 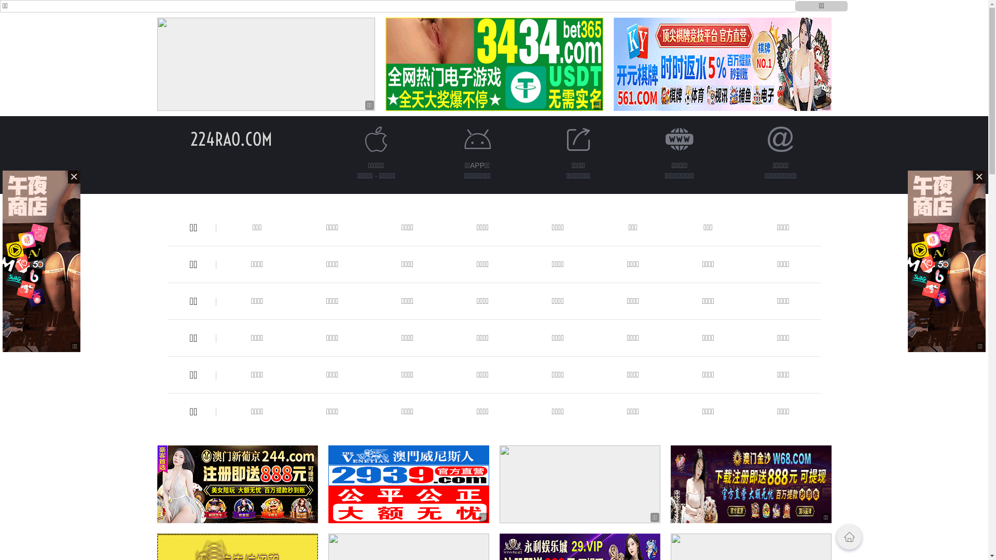 What do you see at coordinates (189, 138) in the screenshot?
I see `'224RAO.COM'` at bounding box center [189, 138].